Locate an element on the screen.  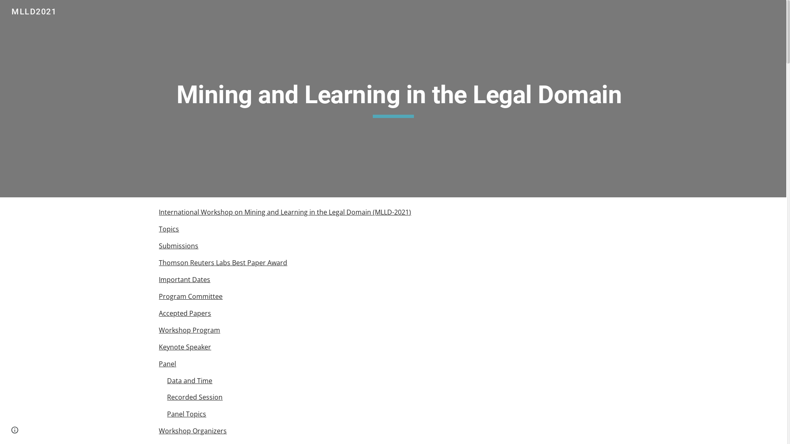
'Data and Time' is located at coordinates (189, 380).